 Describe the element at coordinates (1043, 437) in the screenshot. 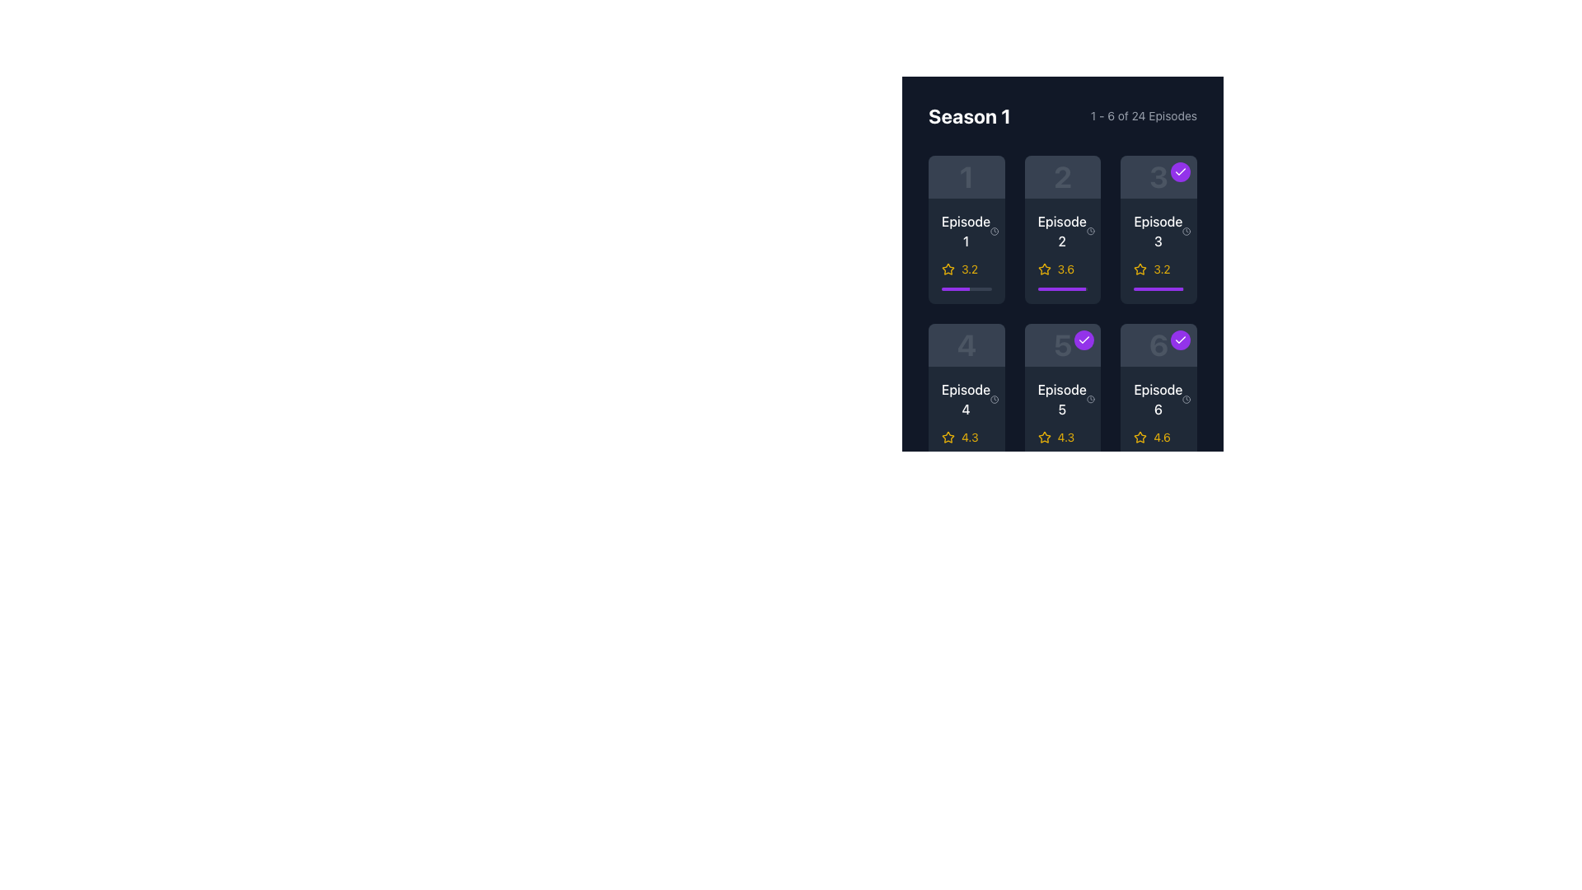

I see `the bright yellow star-shaped icon representing the rating system to the left of the number '4.3' in the Episode 5 card of Season 1` at that location.